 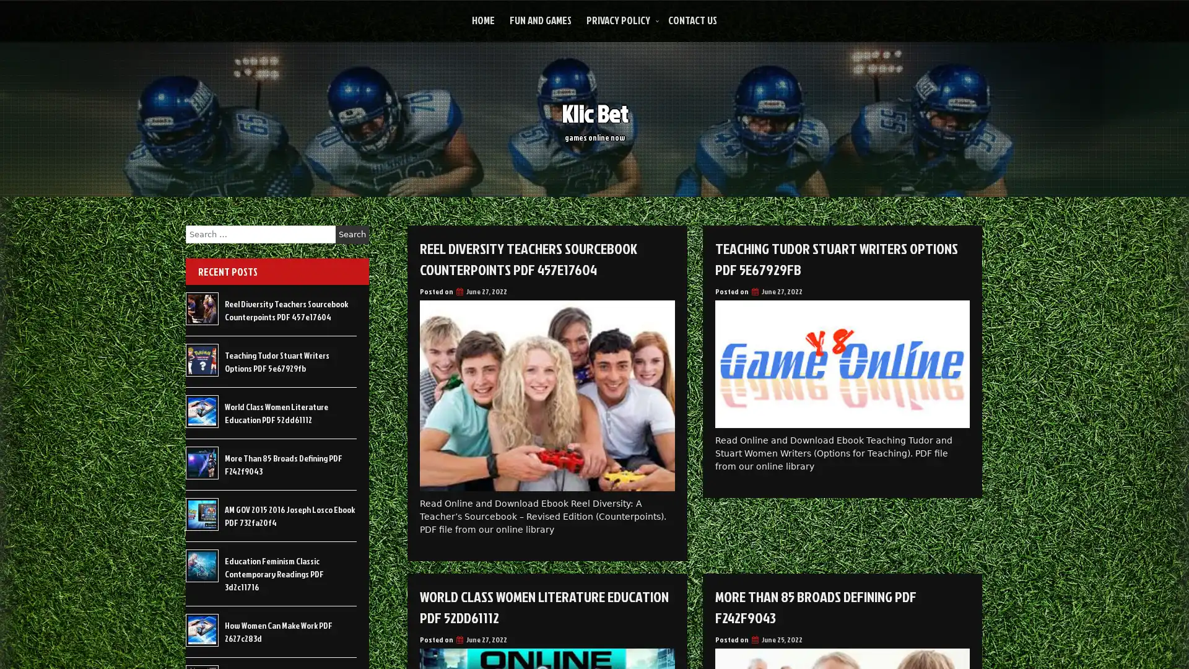 What do you see at coordinates (352, 234) in the screenshot?
I see `Search` at bounding box center [352, 234].